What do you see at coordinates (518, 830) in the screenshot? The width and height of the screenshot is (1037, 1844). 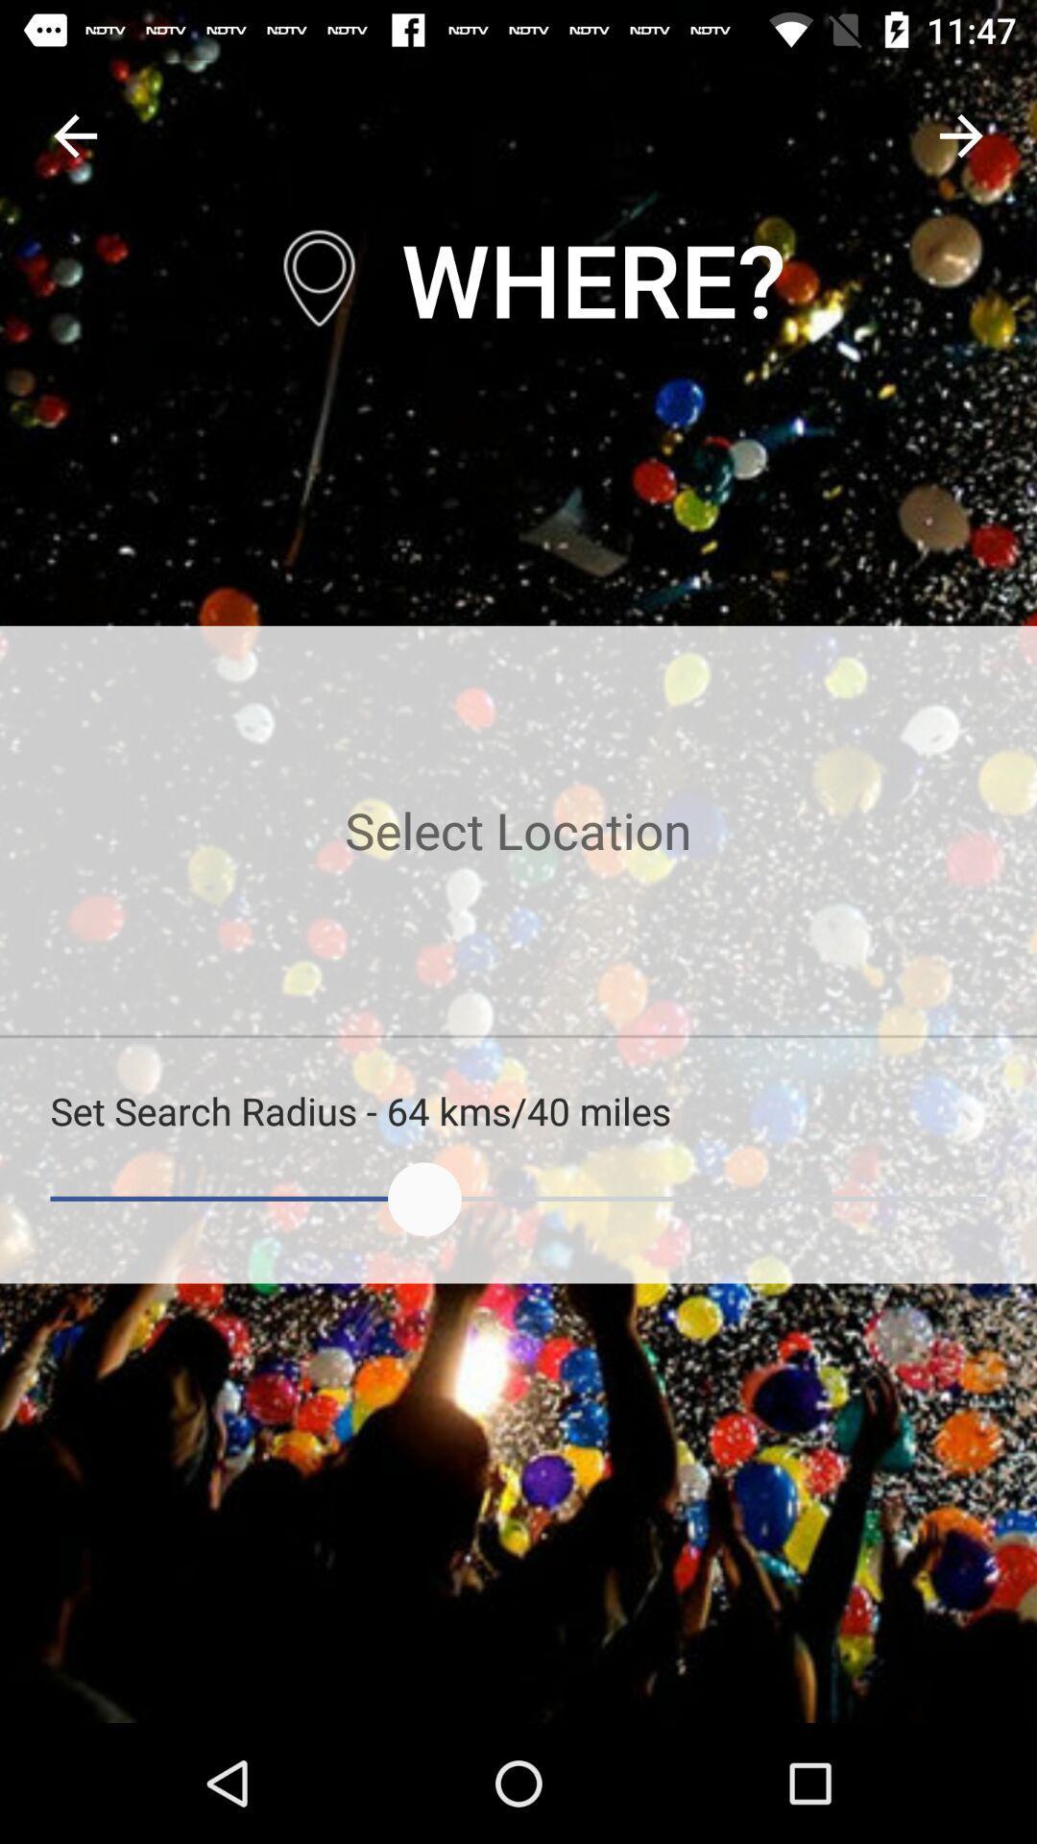 I see `icon below where? icon` at bounding box center [518, 830].